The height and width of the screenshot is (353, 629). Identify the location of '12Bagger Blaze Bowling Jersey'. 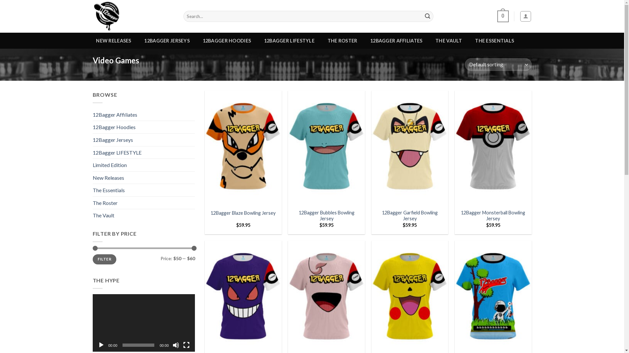
(243, 213).